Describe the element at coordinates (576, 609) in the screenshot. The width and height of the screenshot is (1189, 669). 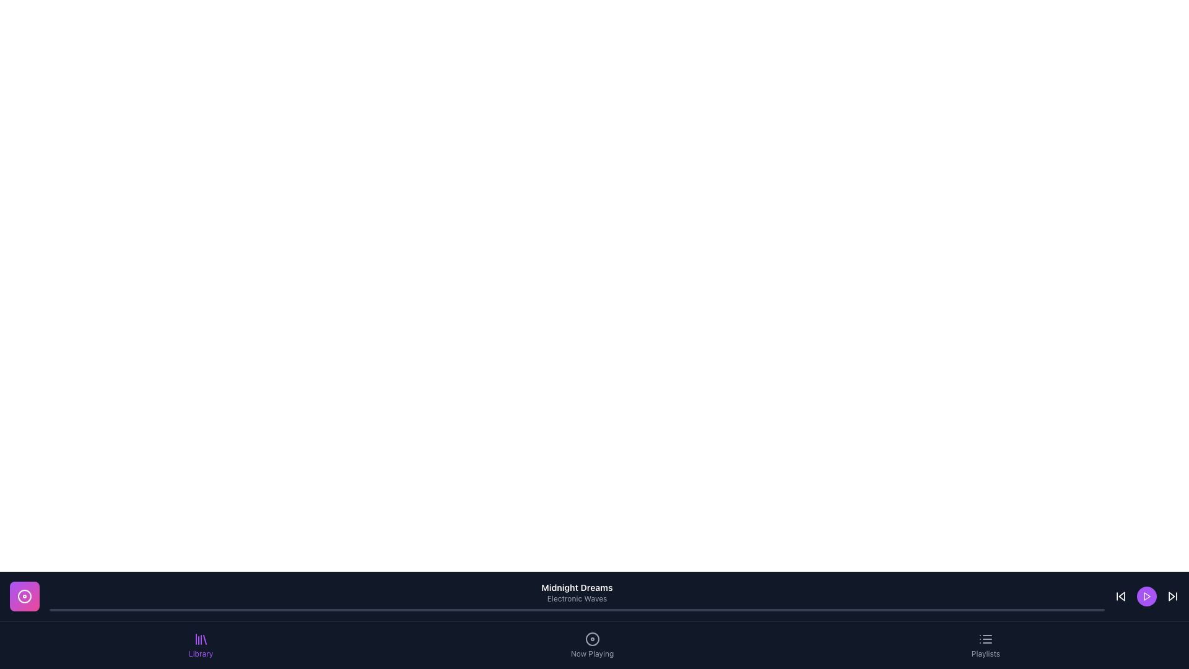
I see `the progress bar located beneath the text 'Electronic Waves', which indicates playback progress` at that location.